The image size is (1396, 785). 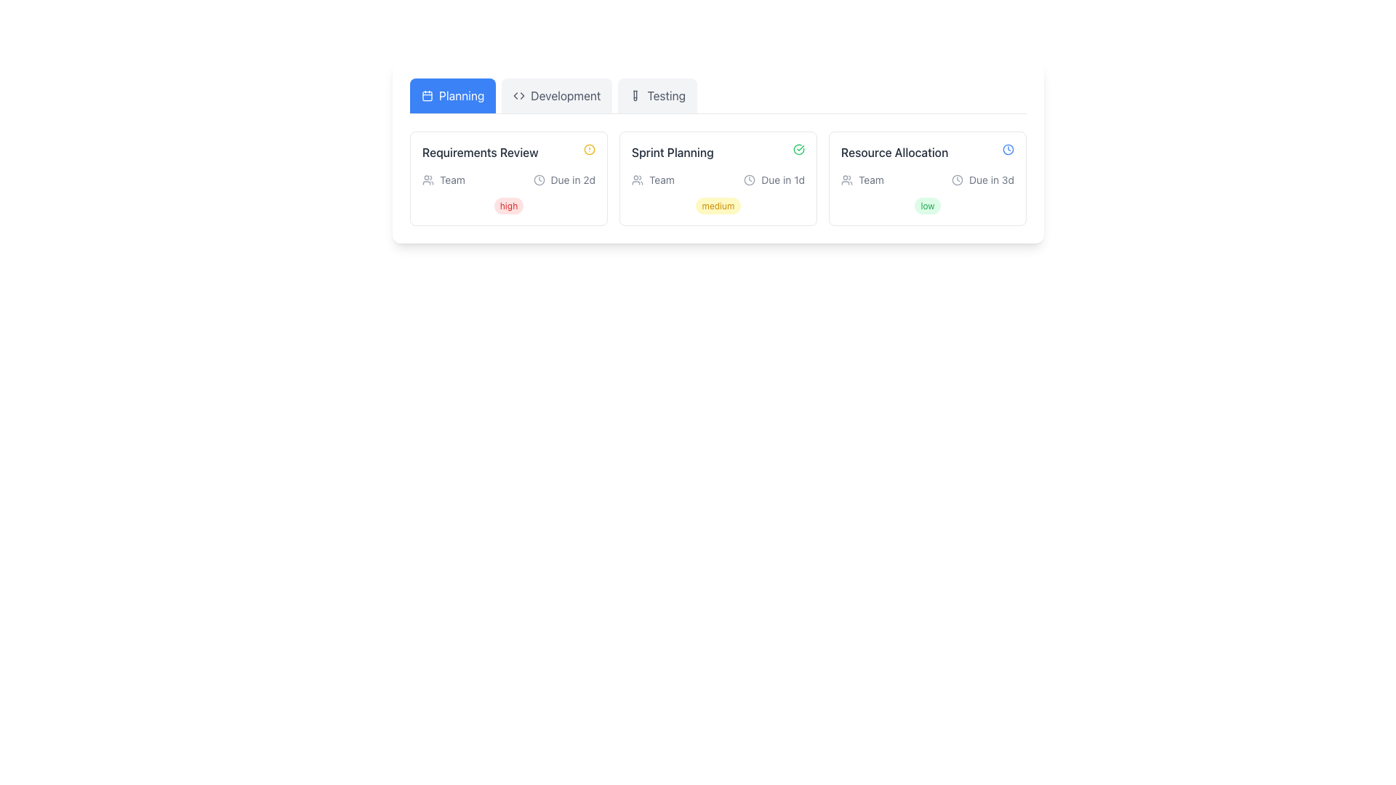 I want to click on the 'Resource Allocation' text label located in the top-right corner of the card, which is displayed in dark gray and bold font, so click(x=894, y=152).